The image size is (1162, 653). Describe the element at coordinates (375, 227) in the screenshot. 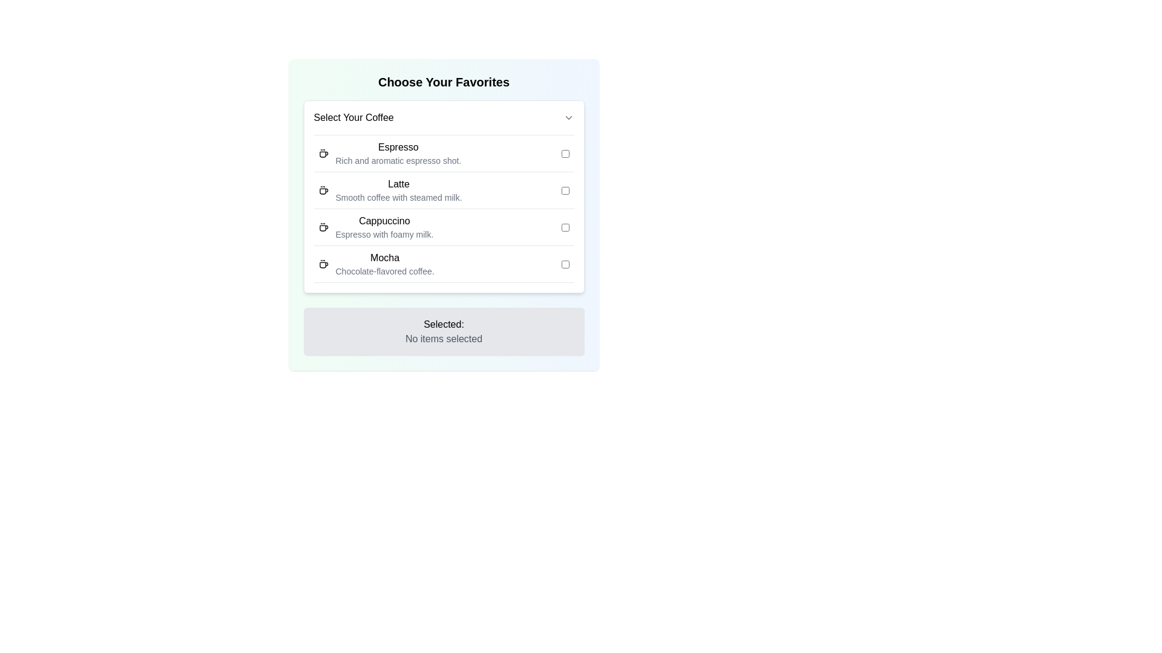

I see `the 'Cappuccino' coffee option` at that location.